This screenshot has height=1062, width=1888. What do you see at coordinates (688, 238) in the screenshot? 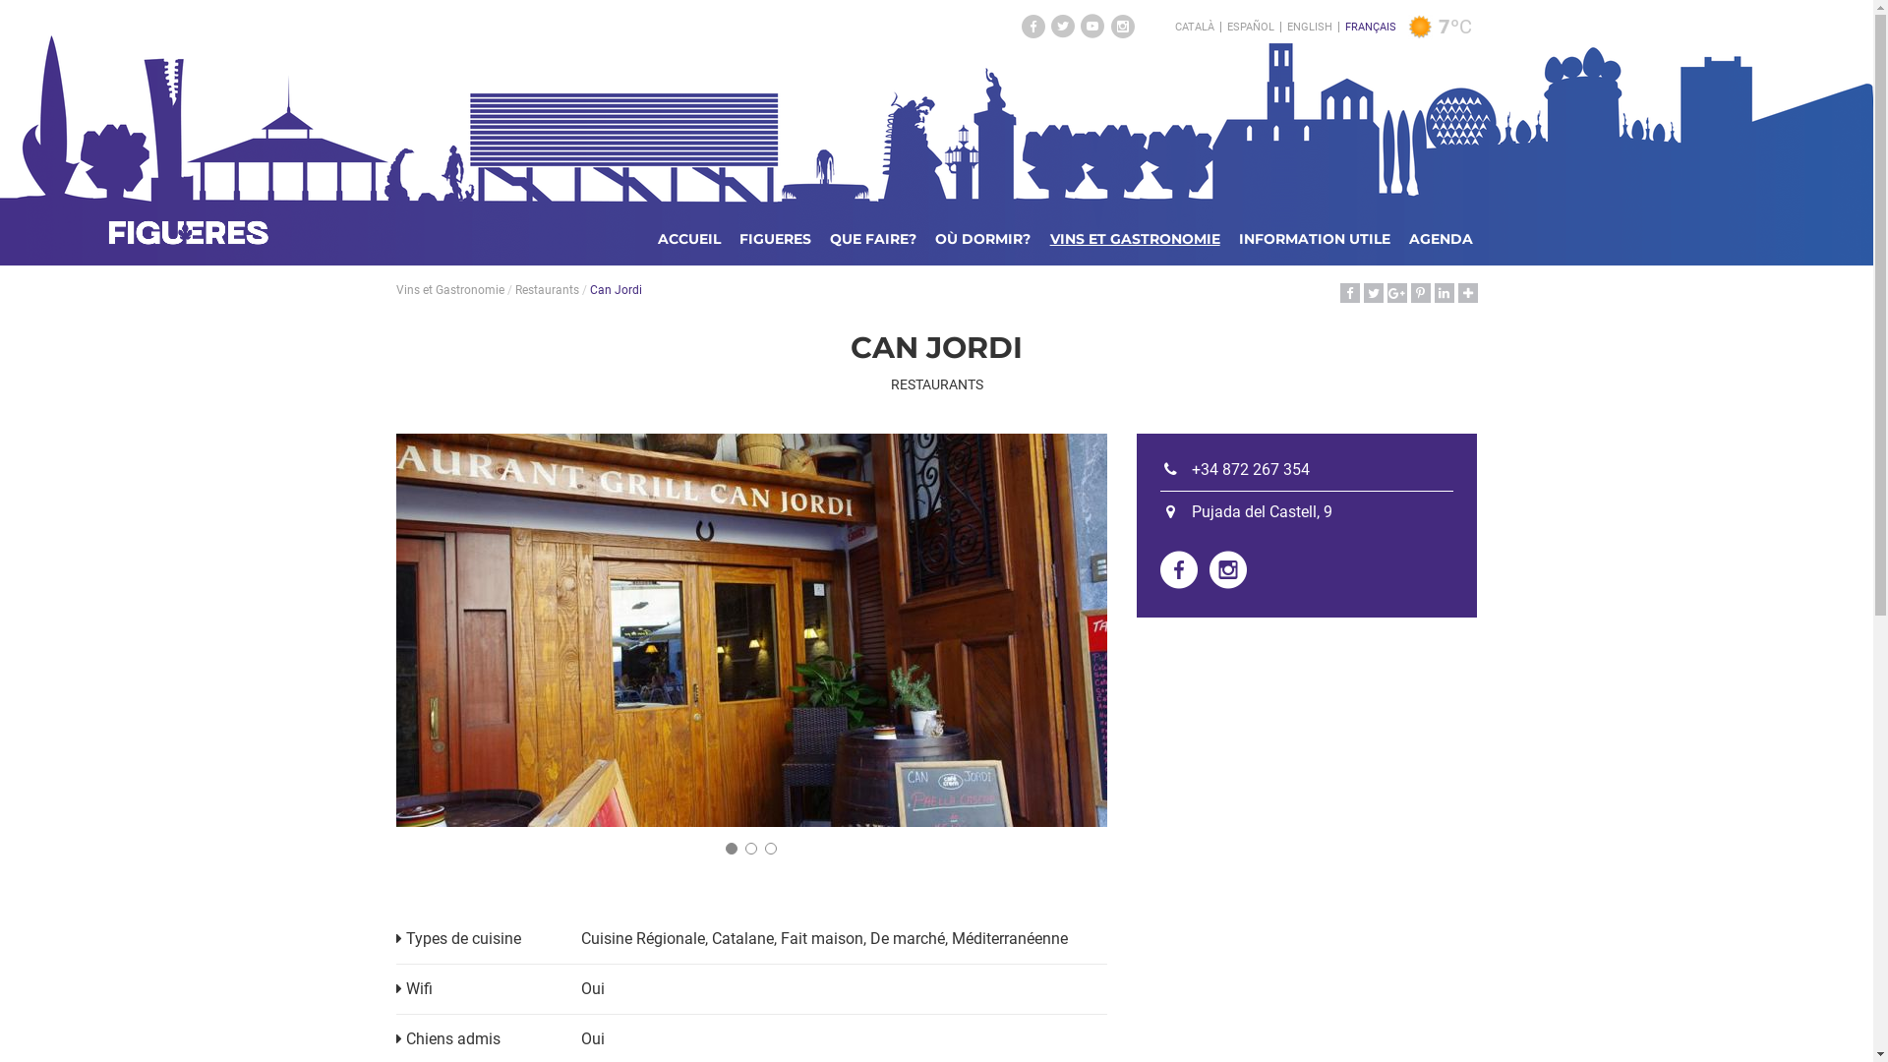
I see `'ACCUEIL'` at bounding box center [688, 238].